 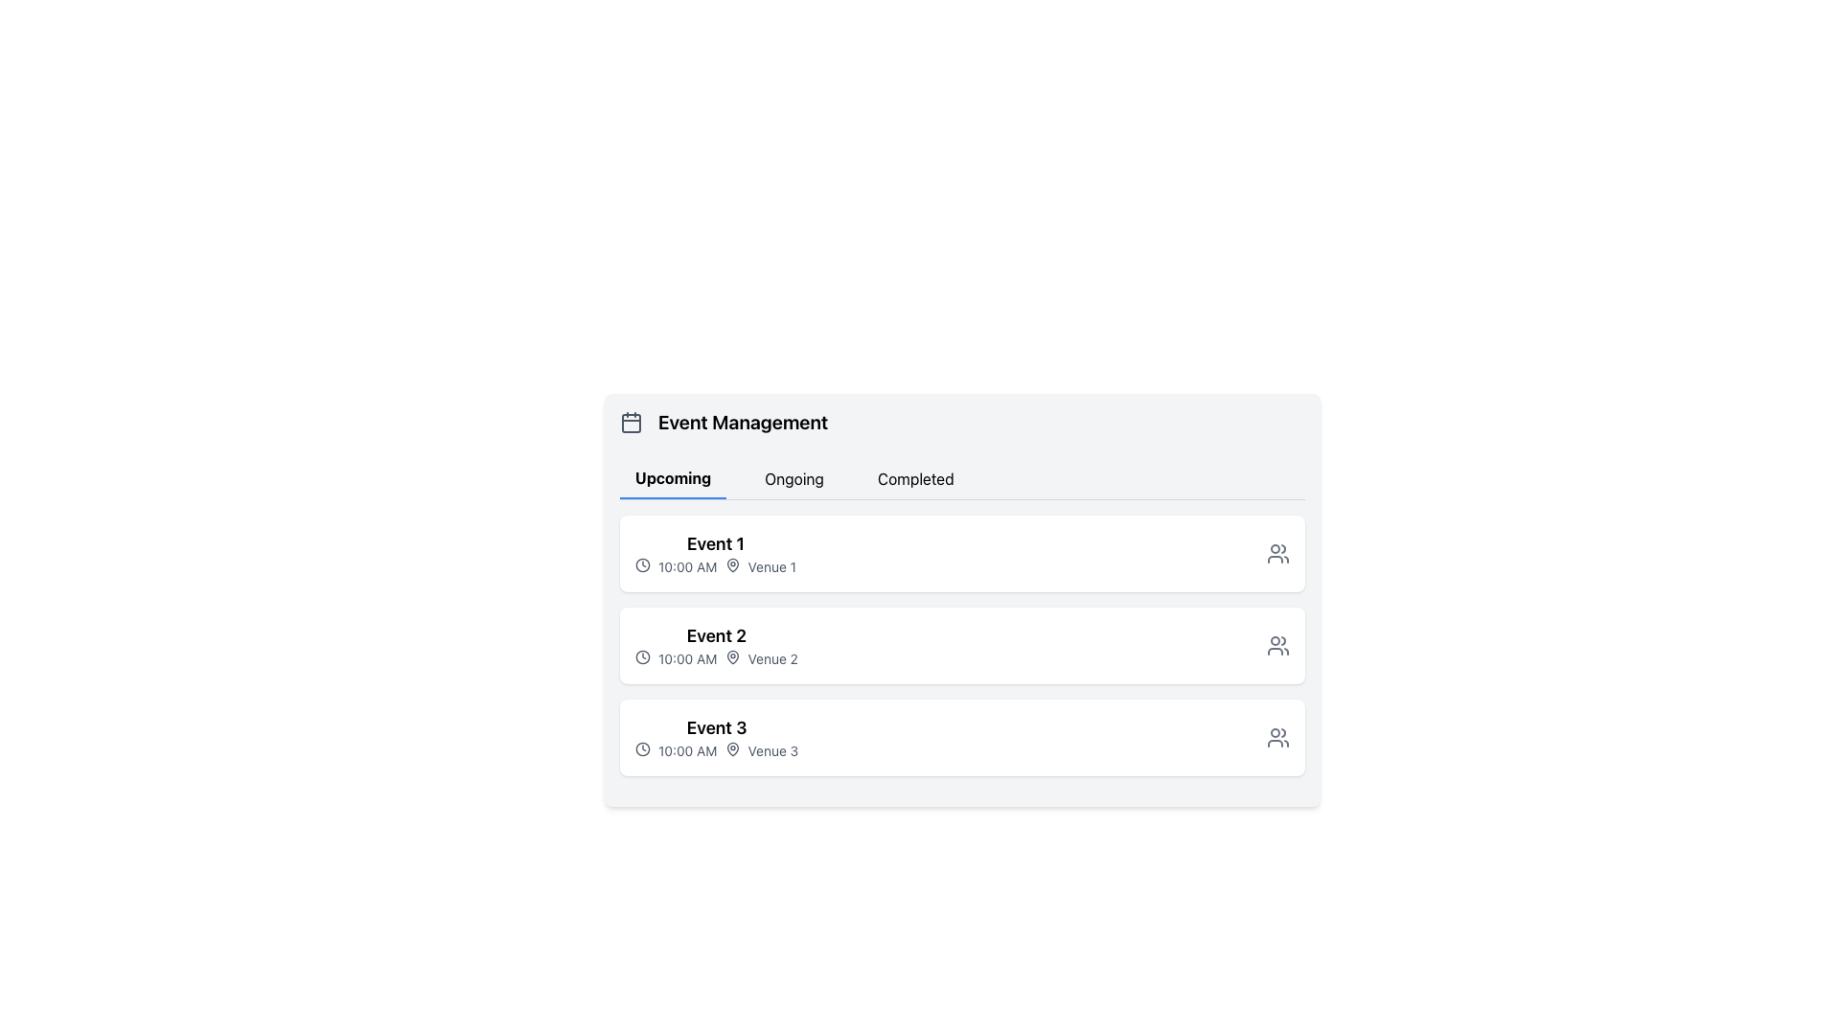 What do you see at coordinates (731, 564) in the screenshot?
I see `the map pin icon located to the right of the time icon in the first event row within the 'Upcoming' section of the Event Management interface` at bounding box center [731, 564].